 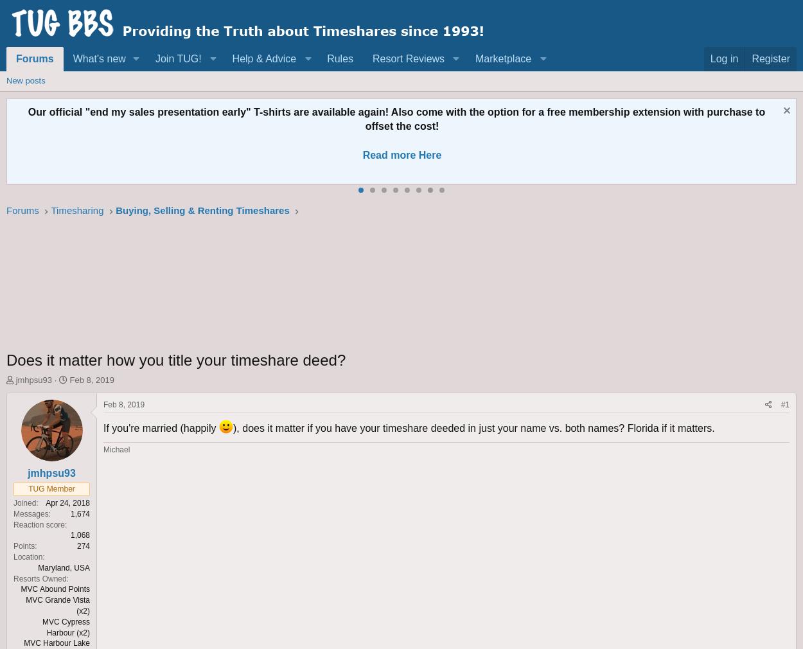 I want to click on 'Maryland, USA', so click(x=63, y=567).